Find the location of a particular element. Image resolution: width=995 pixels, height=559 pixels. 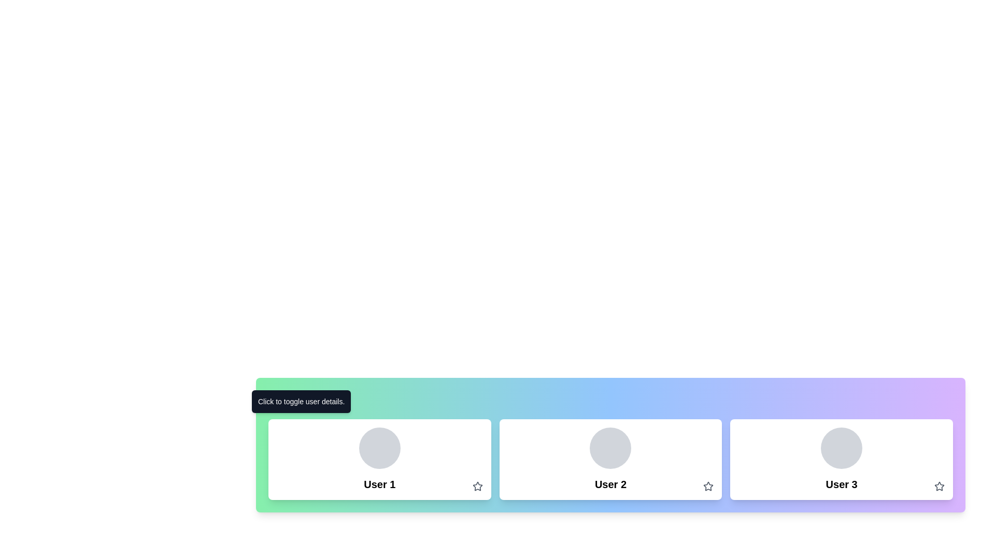

the star icon located in the bottom-right corner of the card for 'User 1' is located at coordinates (477, 486).